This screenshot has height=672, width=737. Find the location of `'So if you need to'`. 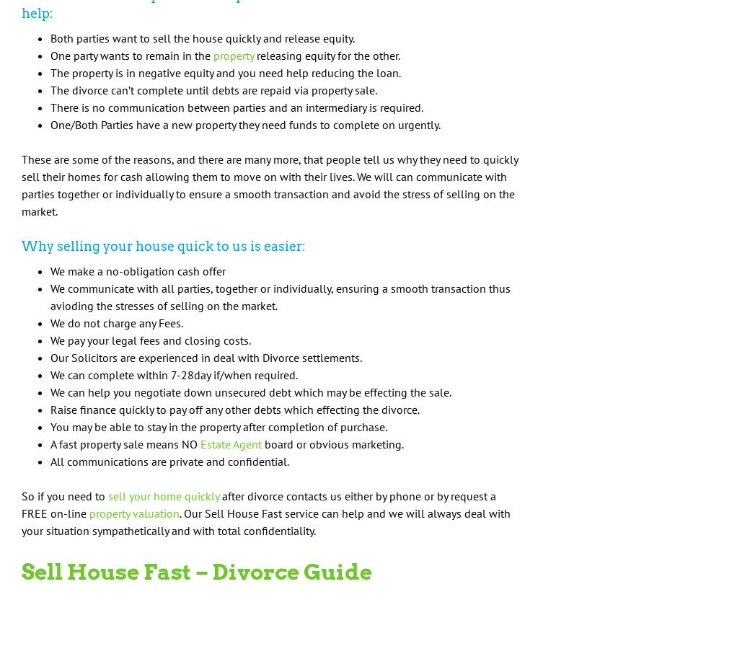

'So if you need to' is located at coordinates (64, 496).